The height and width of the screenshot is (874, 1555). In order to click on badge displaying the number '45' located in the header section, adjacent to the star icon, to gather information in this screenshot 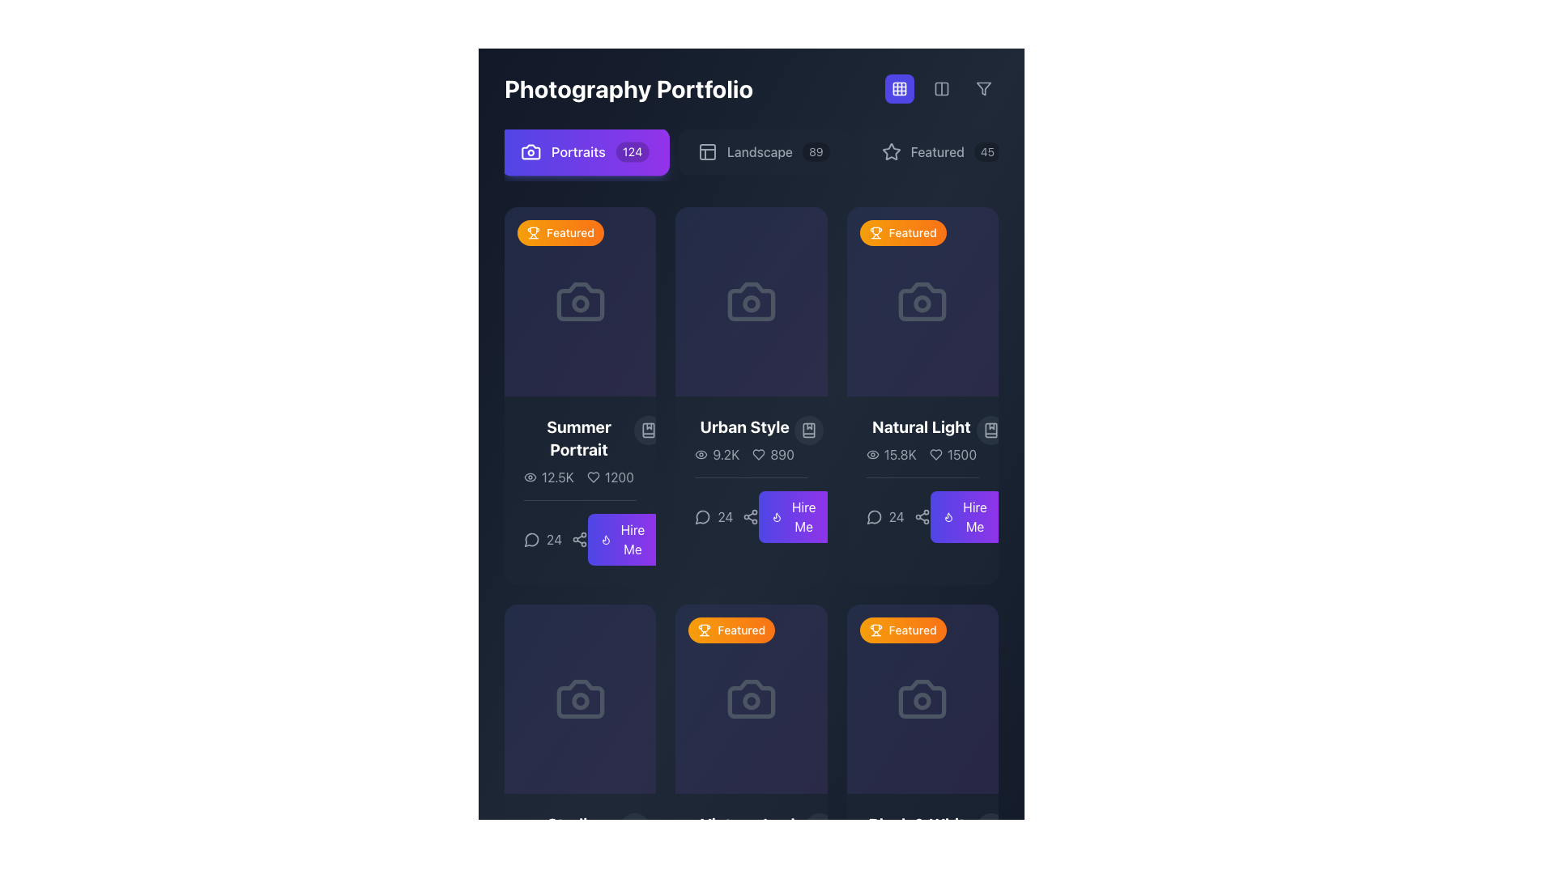, I will do `click(986, 152)`.